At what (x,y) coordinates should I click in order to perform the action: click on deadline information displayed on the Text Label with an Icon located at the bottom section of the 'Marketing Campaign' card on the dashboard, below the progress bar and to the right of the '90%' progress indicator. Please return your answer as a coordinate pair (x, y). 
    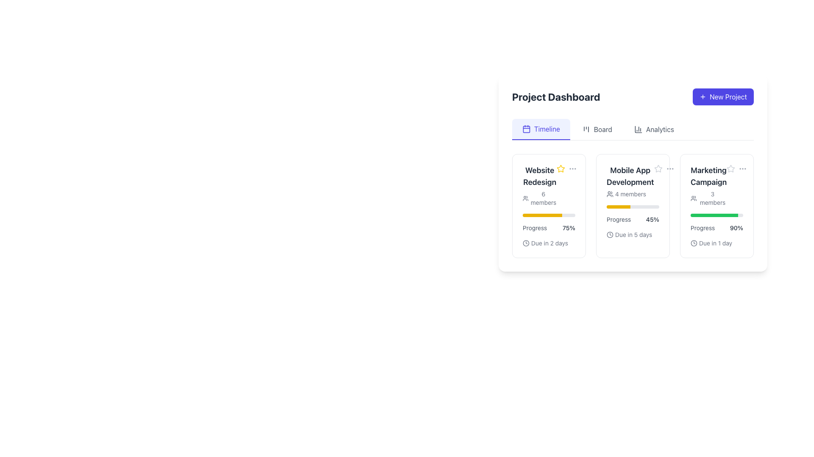
    Looking at the image, I should click on (716, 243).